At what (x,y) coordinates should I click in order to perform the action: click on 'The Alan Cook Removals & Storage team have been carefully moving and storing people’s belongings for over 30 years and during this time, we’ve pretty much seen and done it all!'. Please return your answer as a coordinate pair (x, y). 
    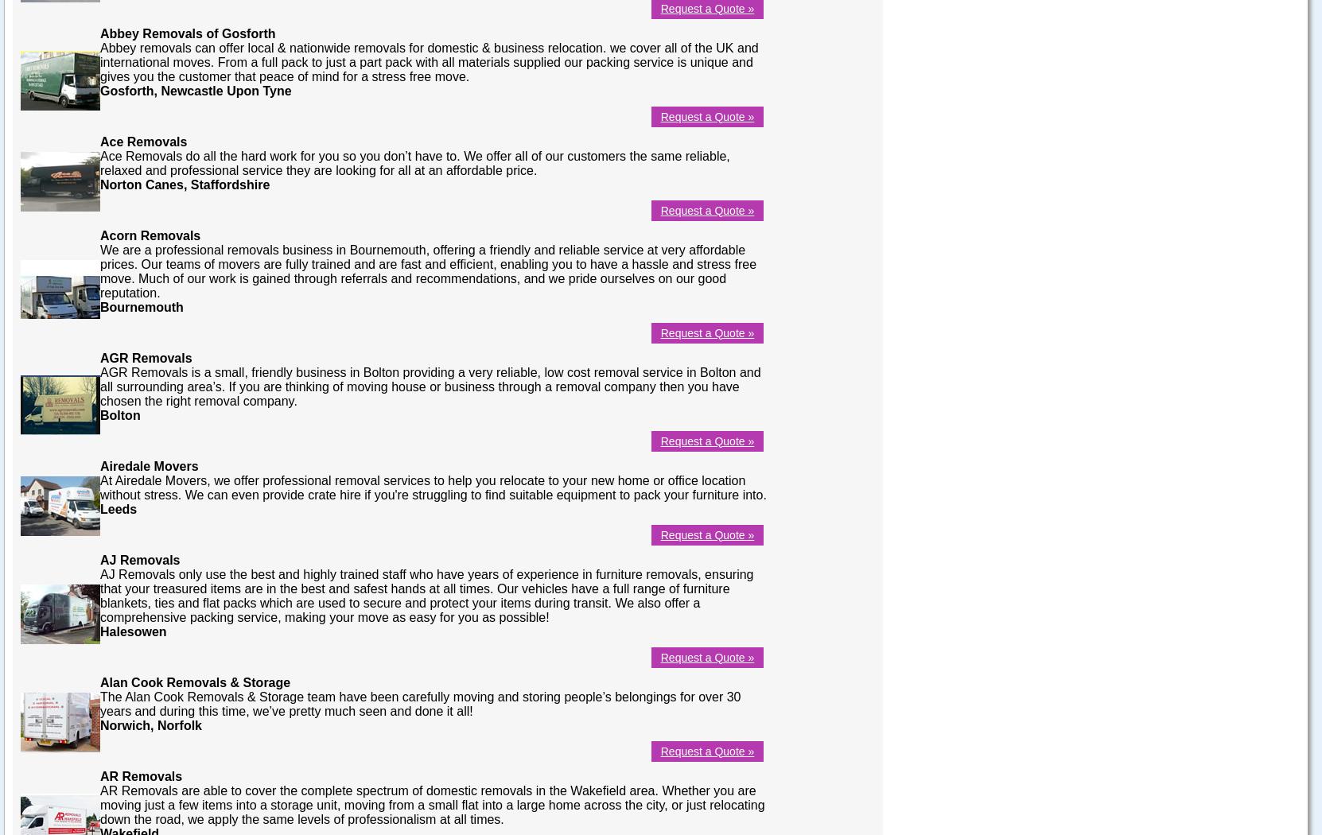
    Looking at the image, I should click on (419, 702).